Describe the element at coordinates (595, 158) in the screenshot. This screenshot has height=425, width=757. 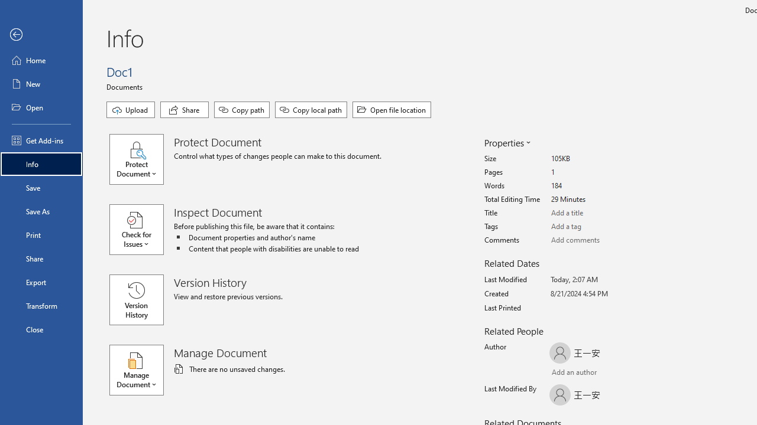
I see `'Size'` at that location.